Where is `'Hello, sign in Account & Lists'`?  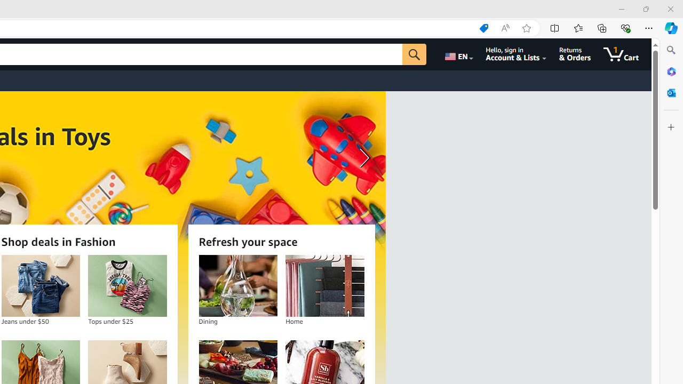
'Hello, sign in Account & Lists' is located at coordinates (516, 54).